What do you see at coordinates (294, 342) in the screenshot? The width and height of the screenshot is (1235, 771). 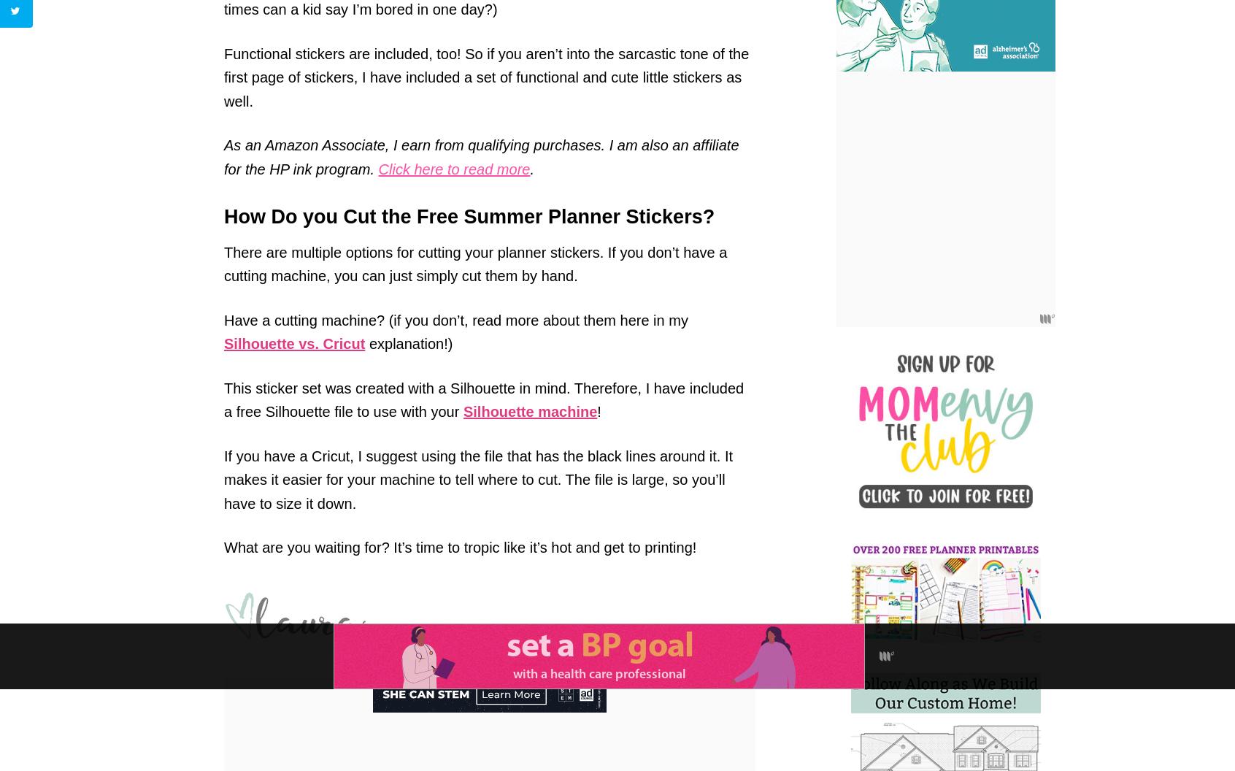 I see `'Silhouette vs. Cricut'` at bounding box center [294, 342].